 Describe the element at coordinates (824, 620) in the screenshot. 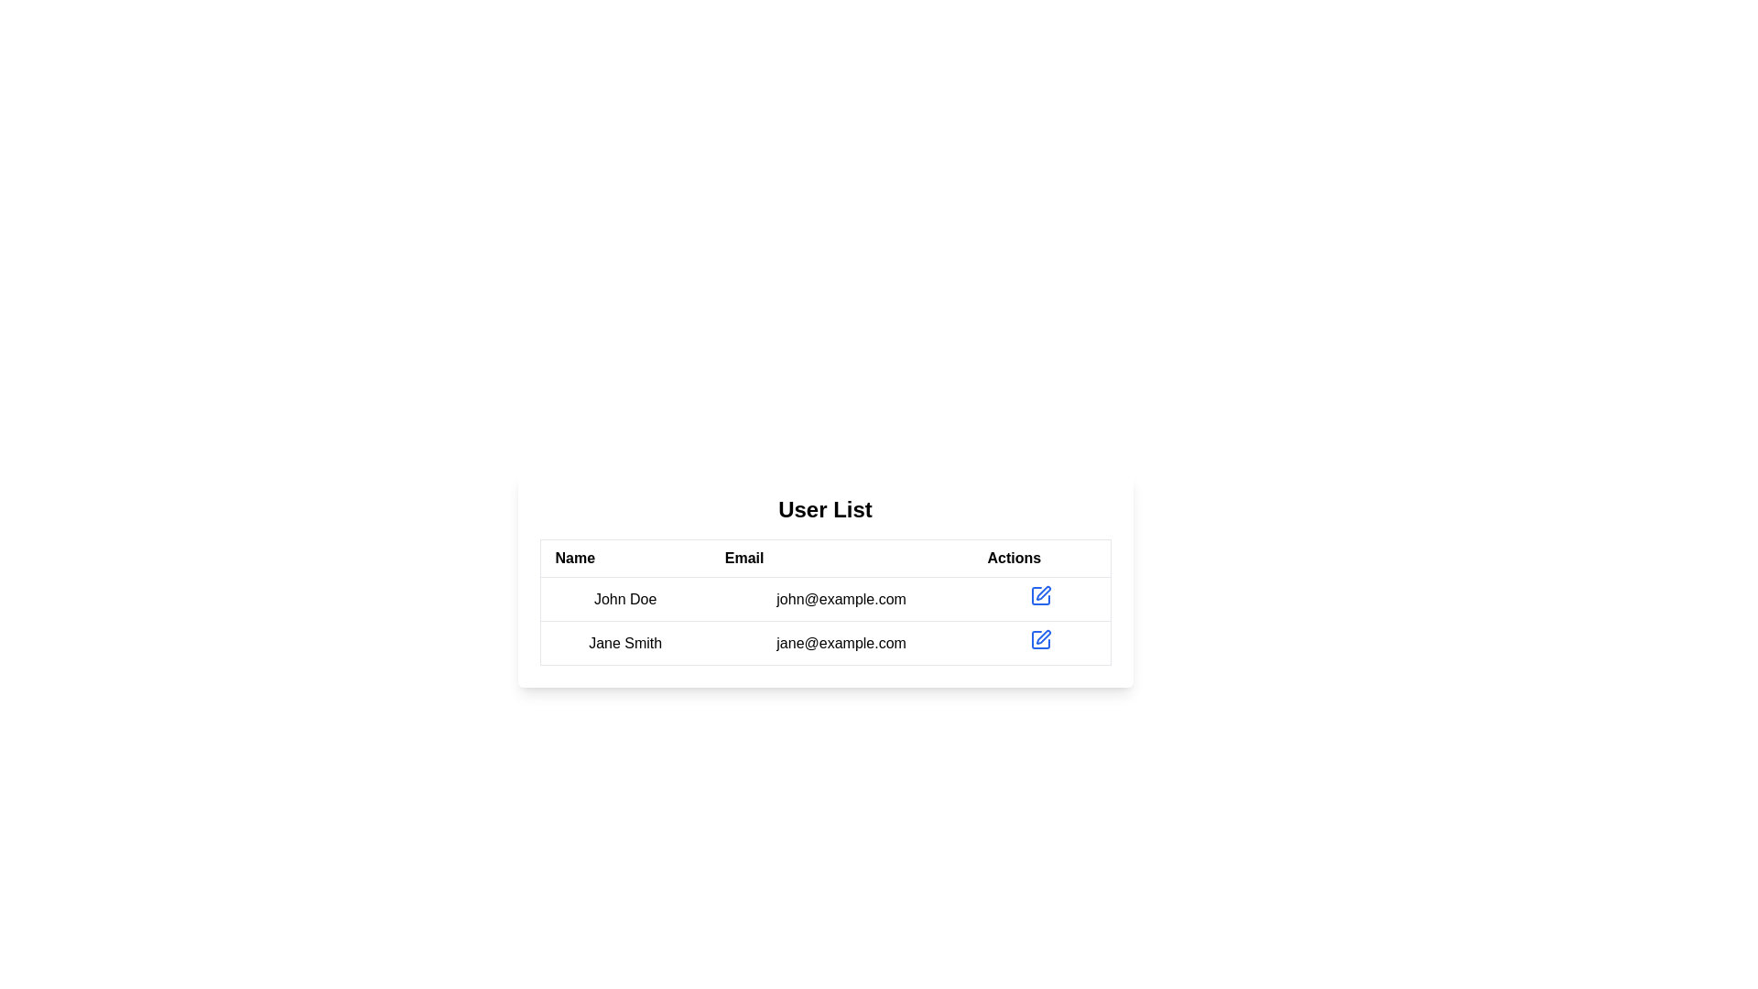

I see `the name and email address displayed in the data row of the table that contains user information, specifically represented by 'John Doe' and 'john@example.com'` at that location.